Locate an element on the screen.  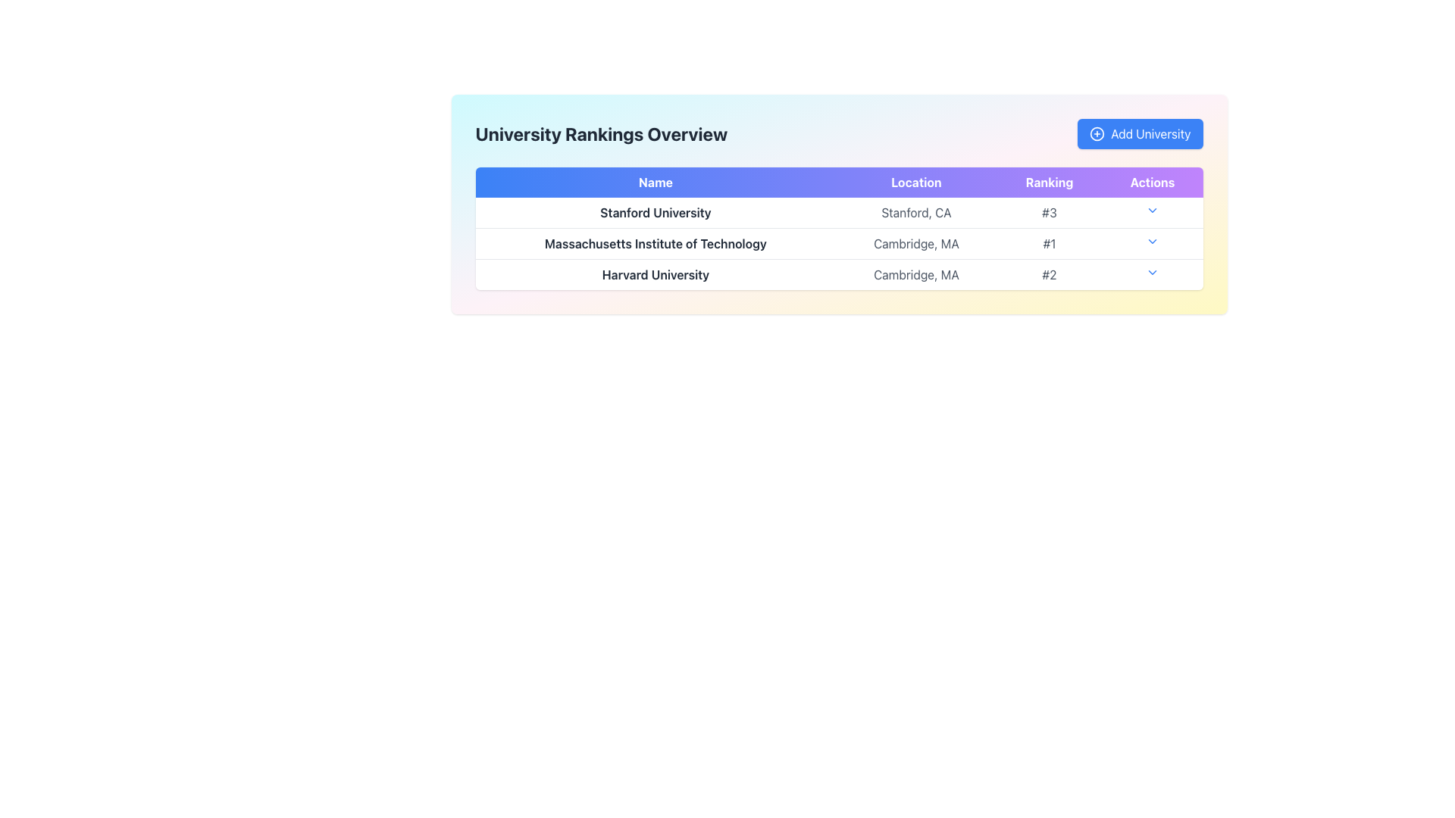
the Text Label displaying 'Cambridge, MA' located in the 'Location' column of the second row of the table, between 'Massachusetts Institute of Technology' and '#1' is located at coordinates (915, 242).